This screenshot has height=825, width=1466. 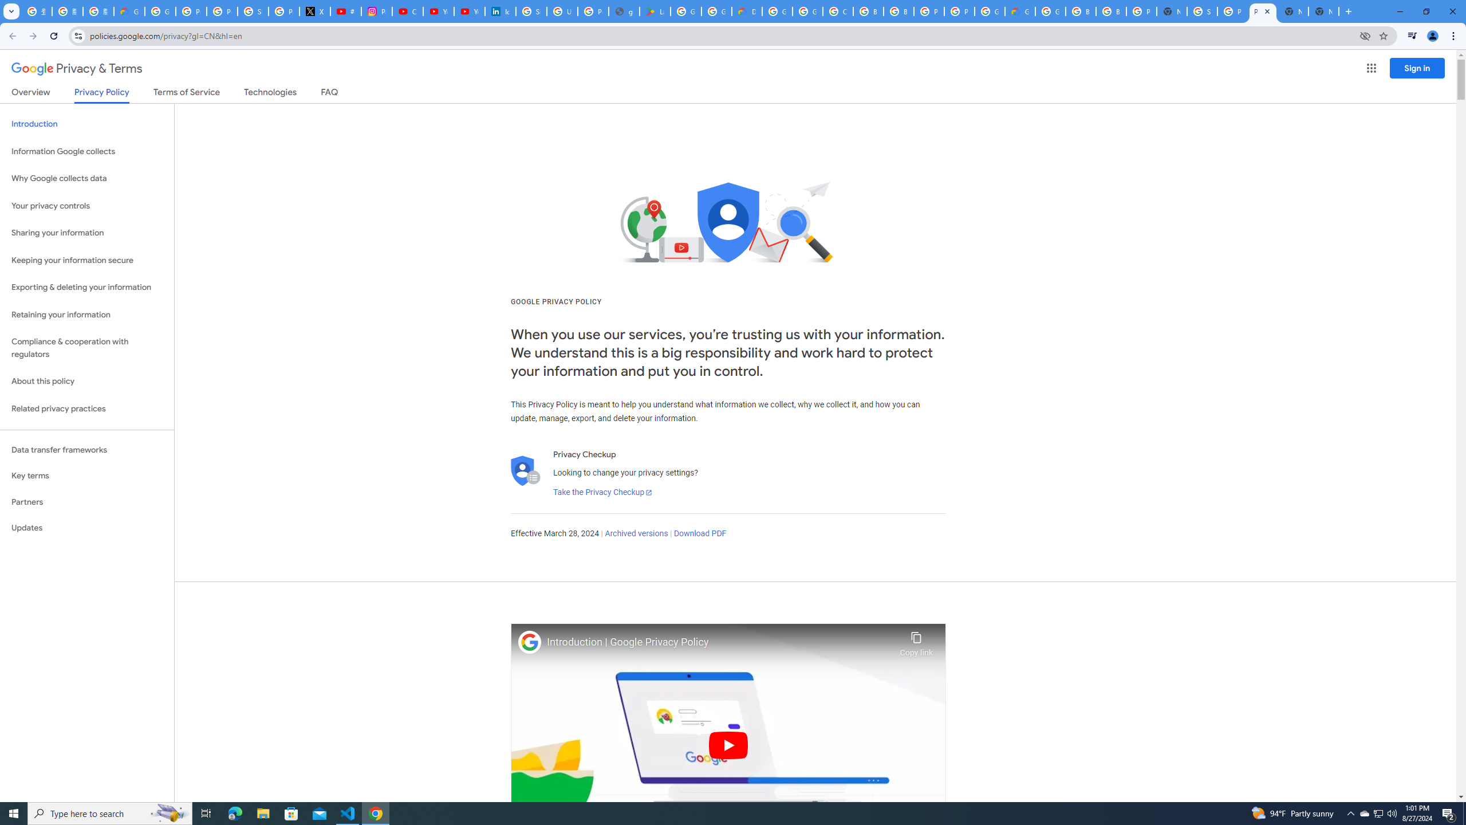 I want to click on '#nbabasketballhighlights - YouTube', so click(x=345, y=11).